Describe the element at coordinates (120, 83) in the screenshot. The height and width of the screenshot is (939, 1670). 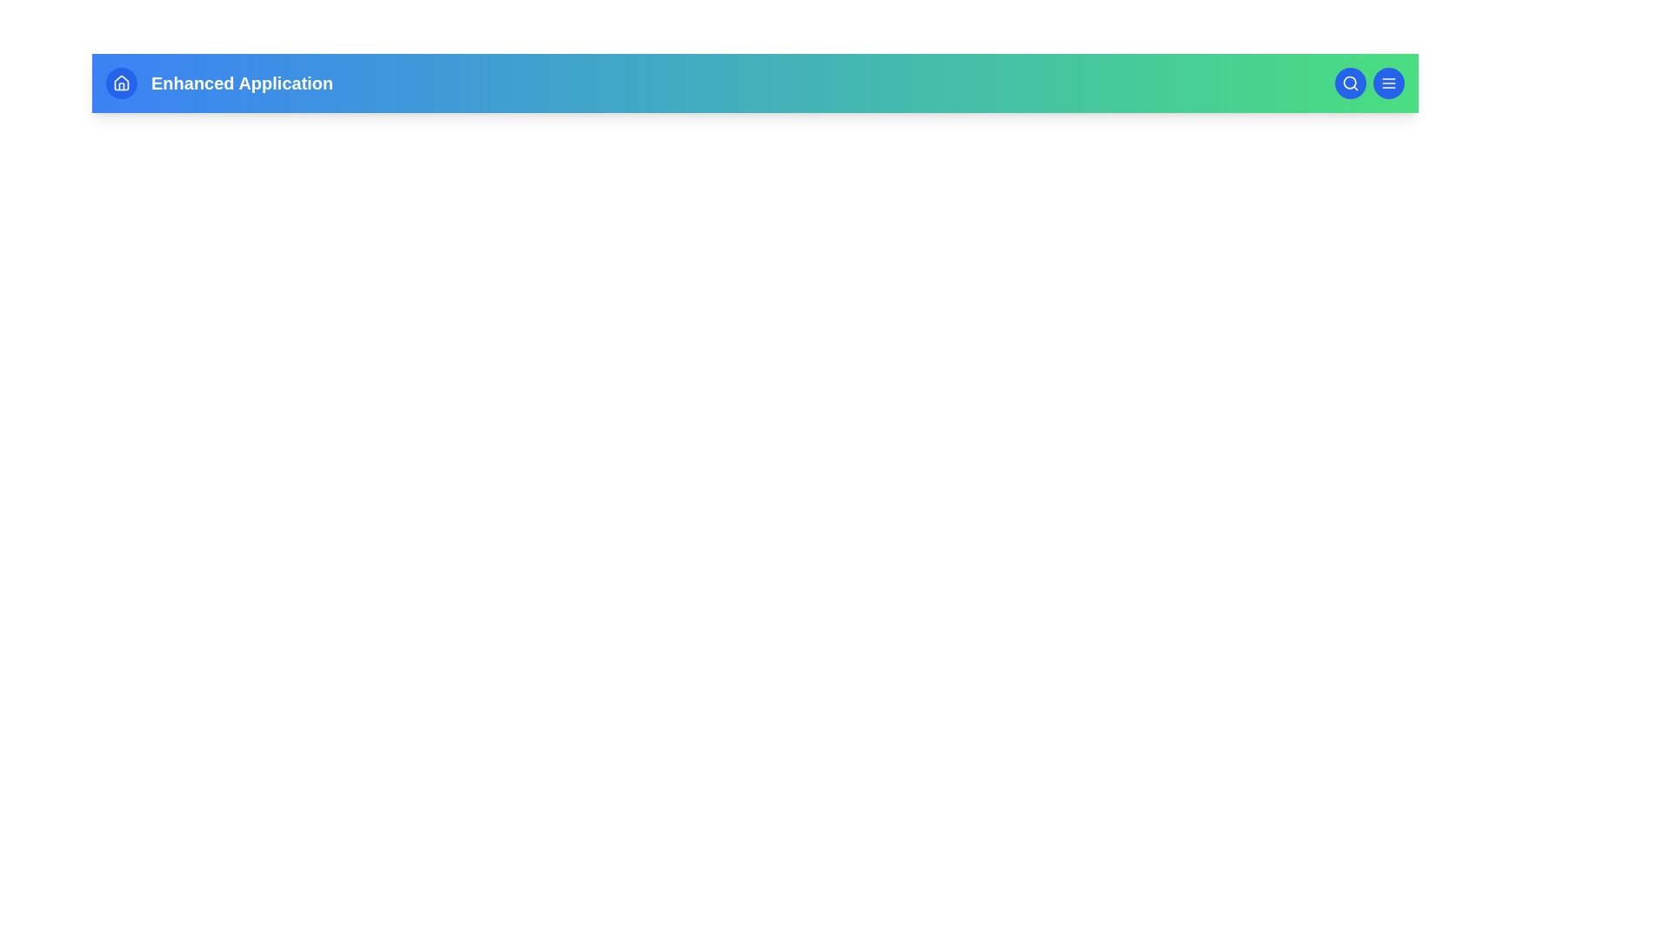
I see `the house-shaped icon within the circular blue button located on the left side of the header bar` at that location.